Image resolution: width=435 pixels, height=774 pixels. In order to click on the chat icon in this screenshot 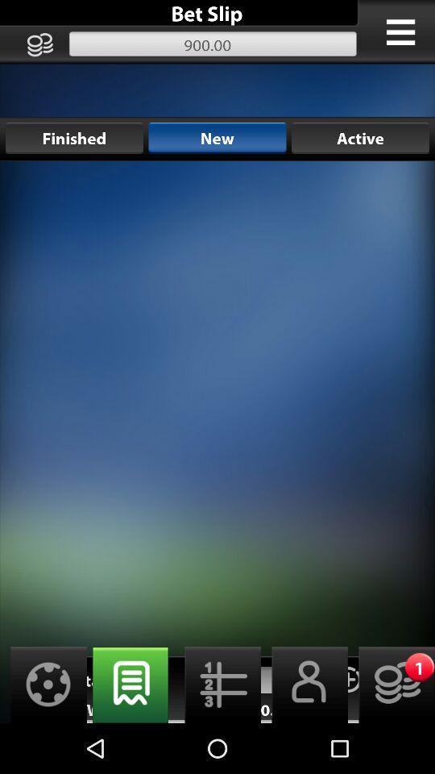, I will do `click(130, 733)`.